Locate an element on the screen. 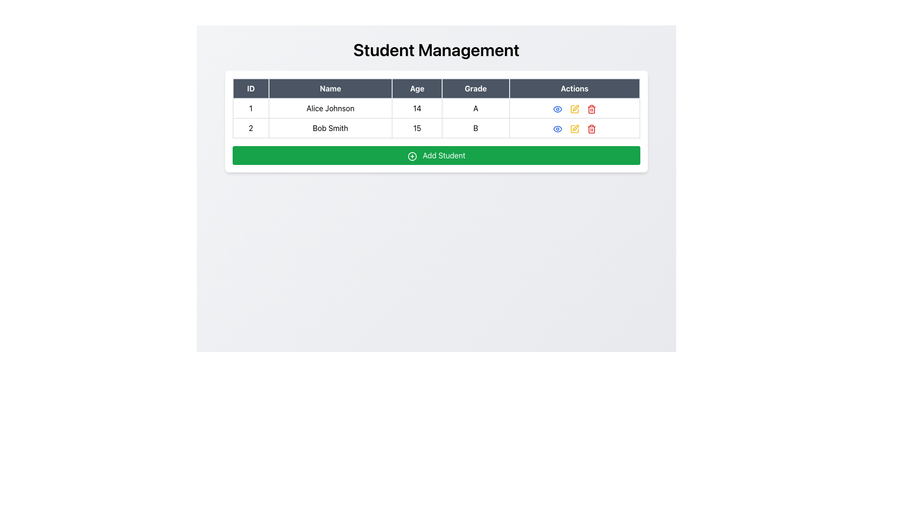 This screenshot has width=906, height=509. the circular 'plus' icon within the 'Add Student' button is located at coordinates (412, 156).